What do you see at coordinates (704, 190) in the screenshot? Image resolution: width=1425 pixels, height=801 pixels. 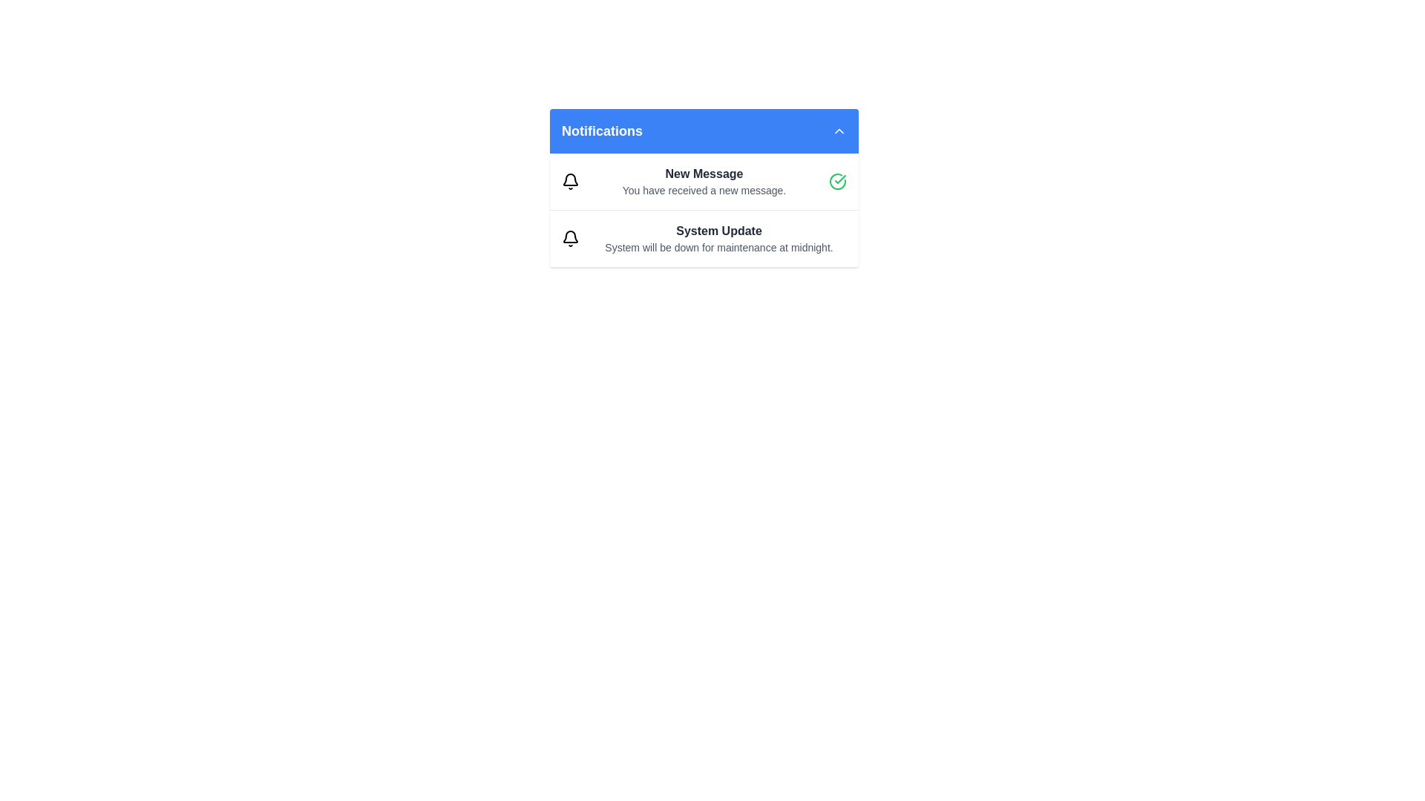 I see `the Text label providing supplemental description below 'New Message' in the notification card` at bounding box center [704, 190].